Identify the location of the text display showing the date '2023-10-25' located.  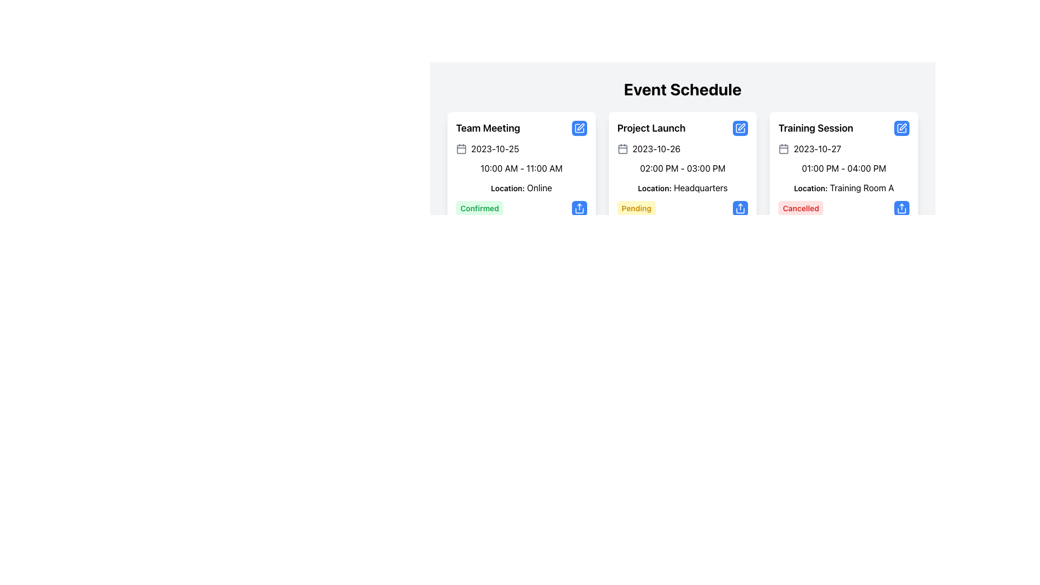
(495, 148).